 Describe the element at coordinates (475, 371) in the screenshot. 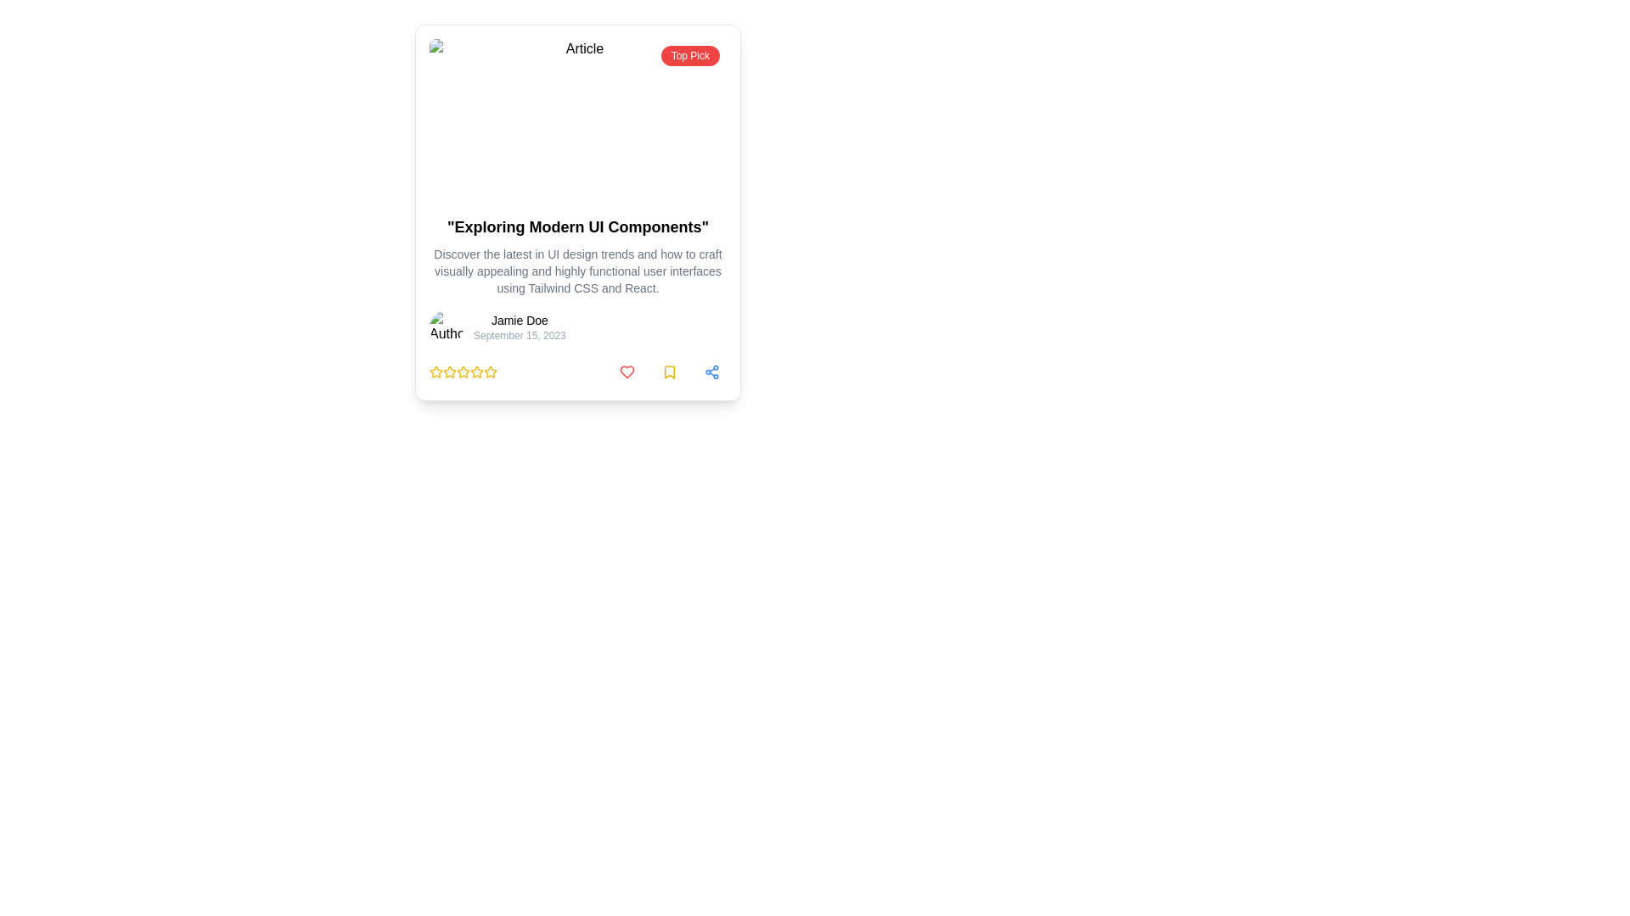

I see `the sixth star icon with a yellow outline in the rating system below the card titled 'Exploring Modern UI Components'` at that location.